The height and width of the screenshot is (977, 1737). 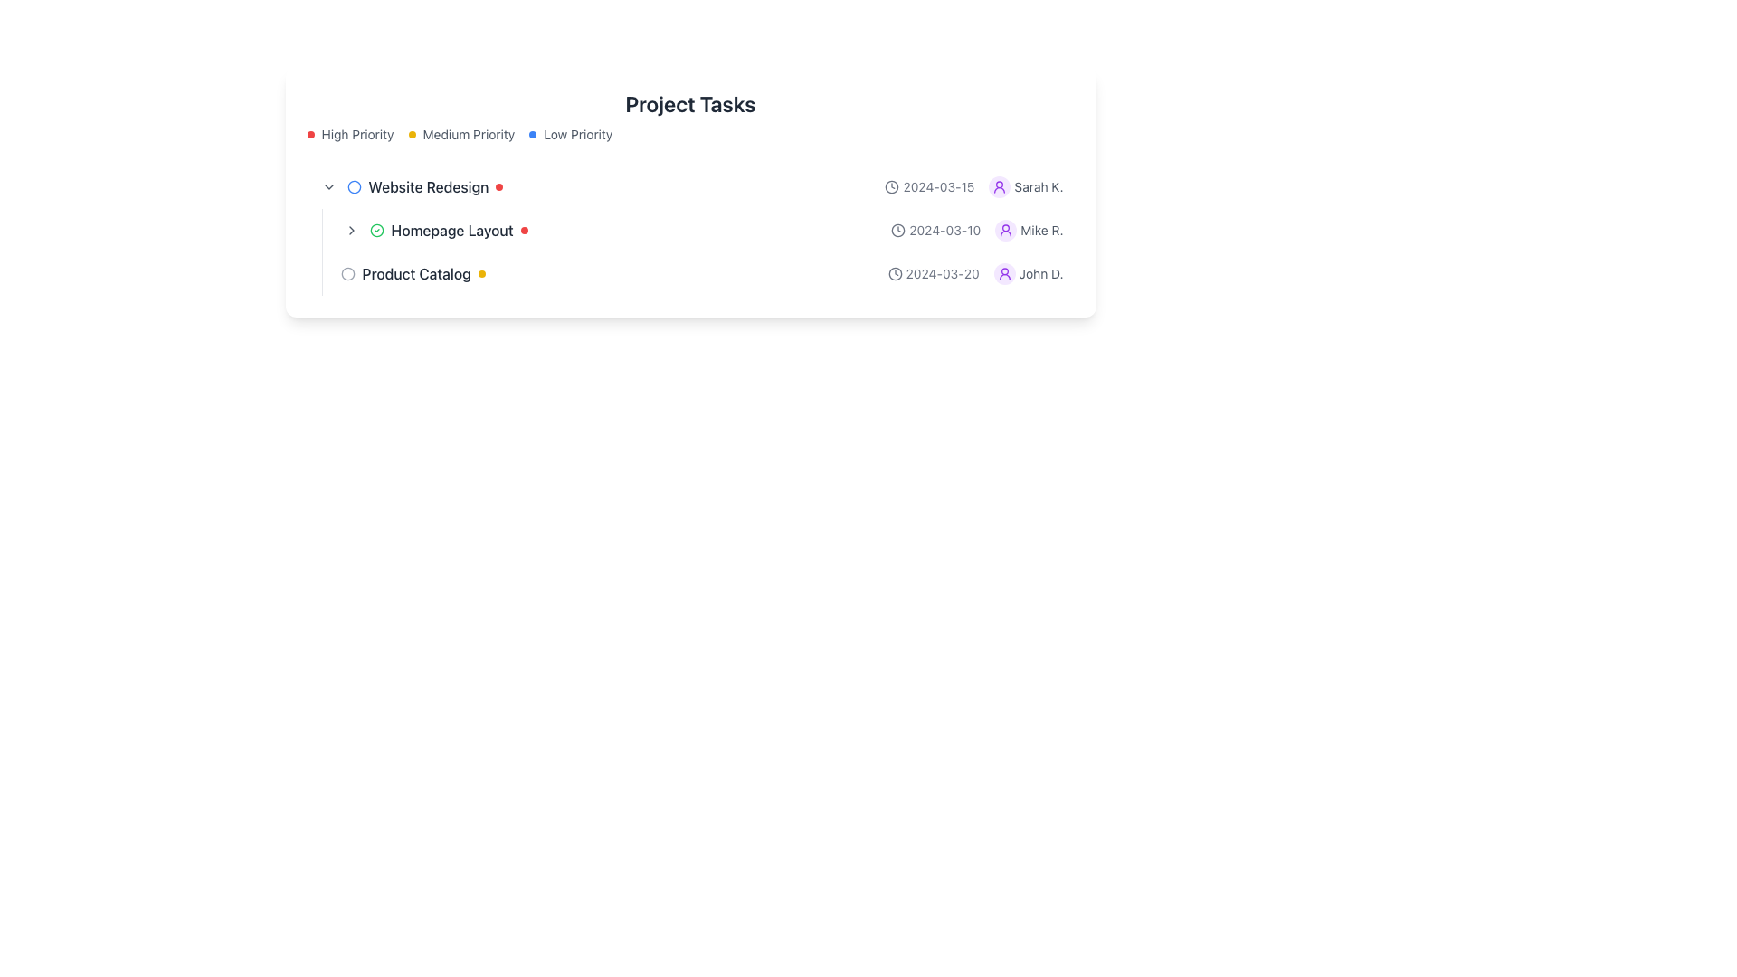 I want to click on text label indicating the name of the individual responsible for the 'Homepage Layout' task, positioned to the right of the purple avatar icon in the task list, so click(x=1042, y=229).